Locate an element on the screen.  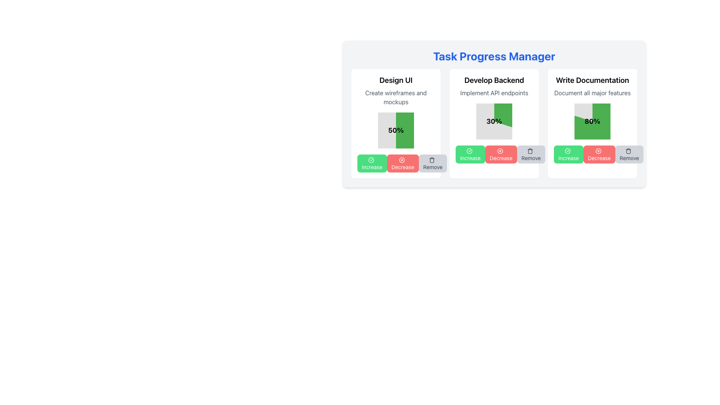
the trash can icon located within the 'Remove' button beneath the 'Design UI' section is located at coordinates (432, 160).